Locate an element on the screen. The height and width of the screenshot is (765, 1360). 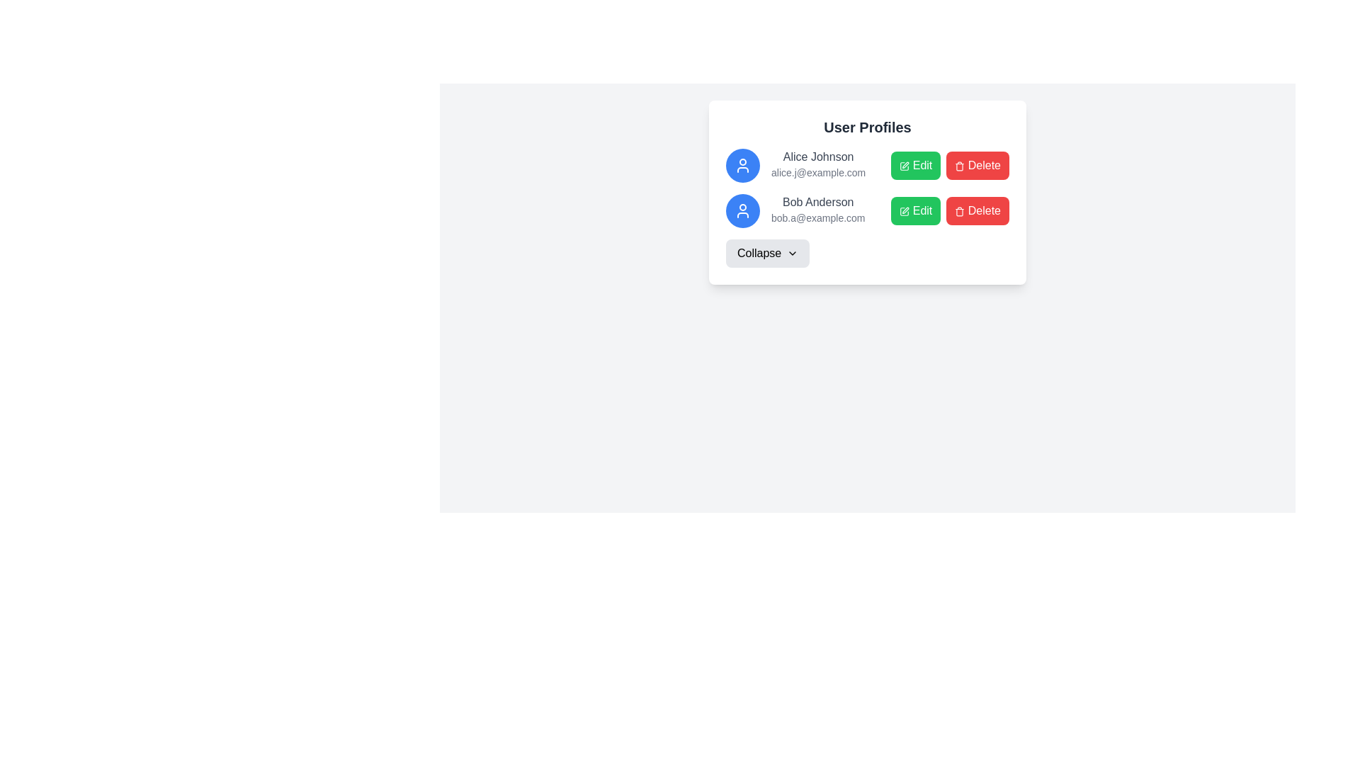
the user profile card for 'Alice Johnson', which features a circular blue icon with a user symbol and displays the name in bold and email in gray is located at coordinates (795, 165).